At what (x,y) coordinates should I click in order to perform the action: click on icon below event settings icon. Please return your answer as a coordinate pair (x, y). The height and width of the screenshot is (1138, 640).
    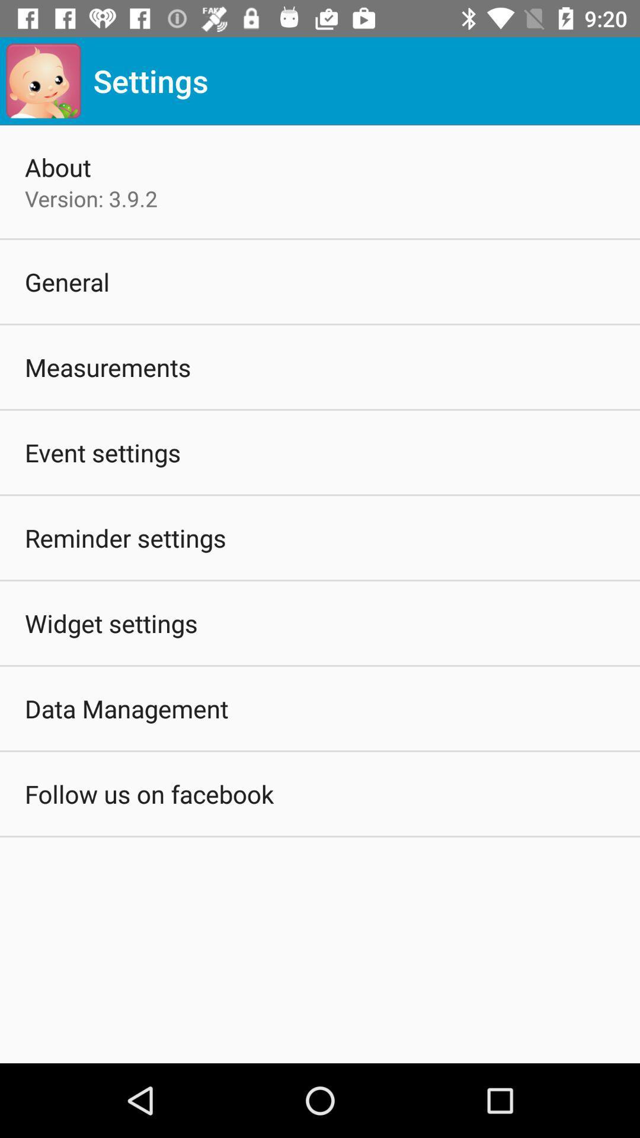
    Looking at the image, I should click on (125, 537).